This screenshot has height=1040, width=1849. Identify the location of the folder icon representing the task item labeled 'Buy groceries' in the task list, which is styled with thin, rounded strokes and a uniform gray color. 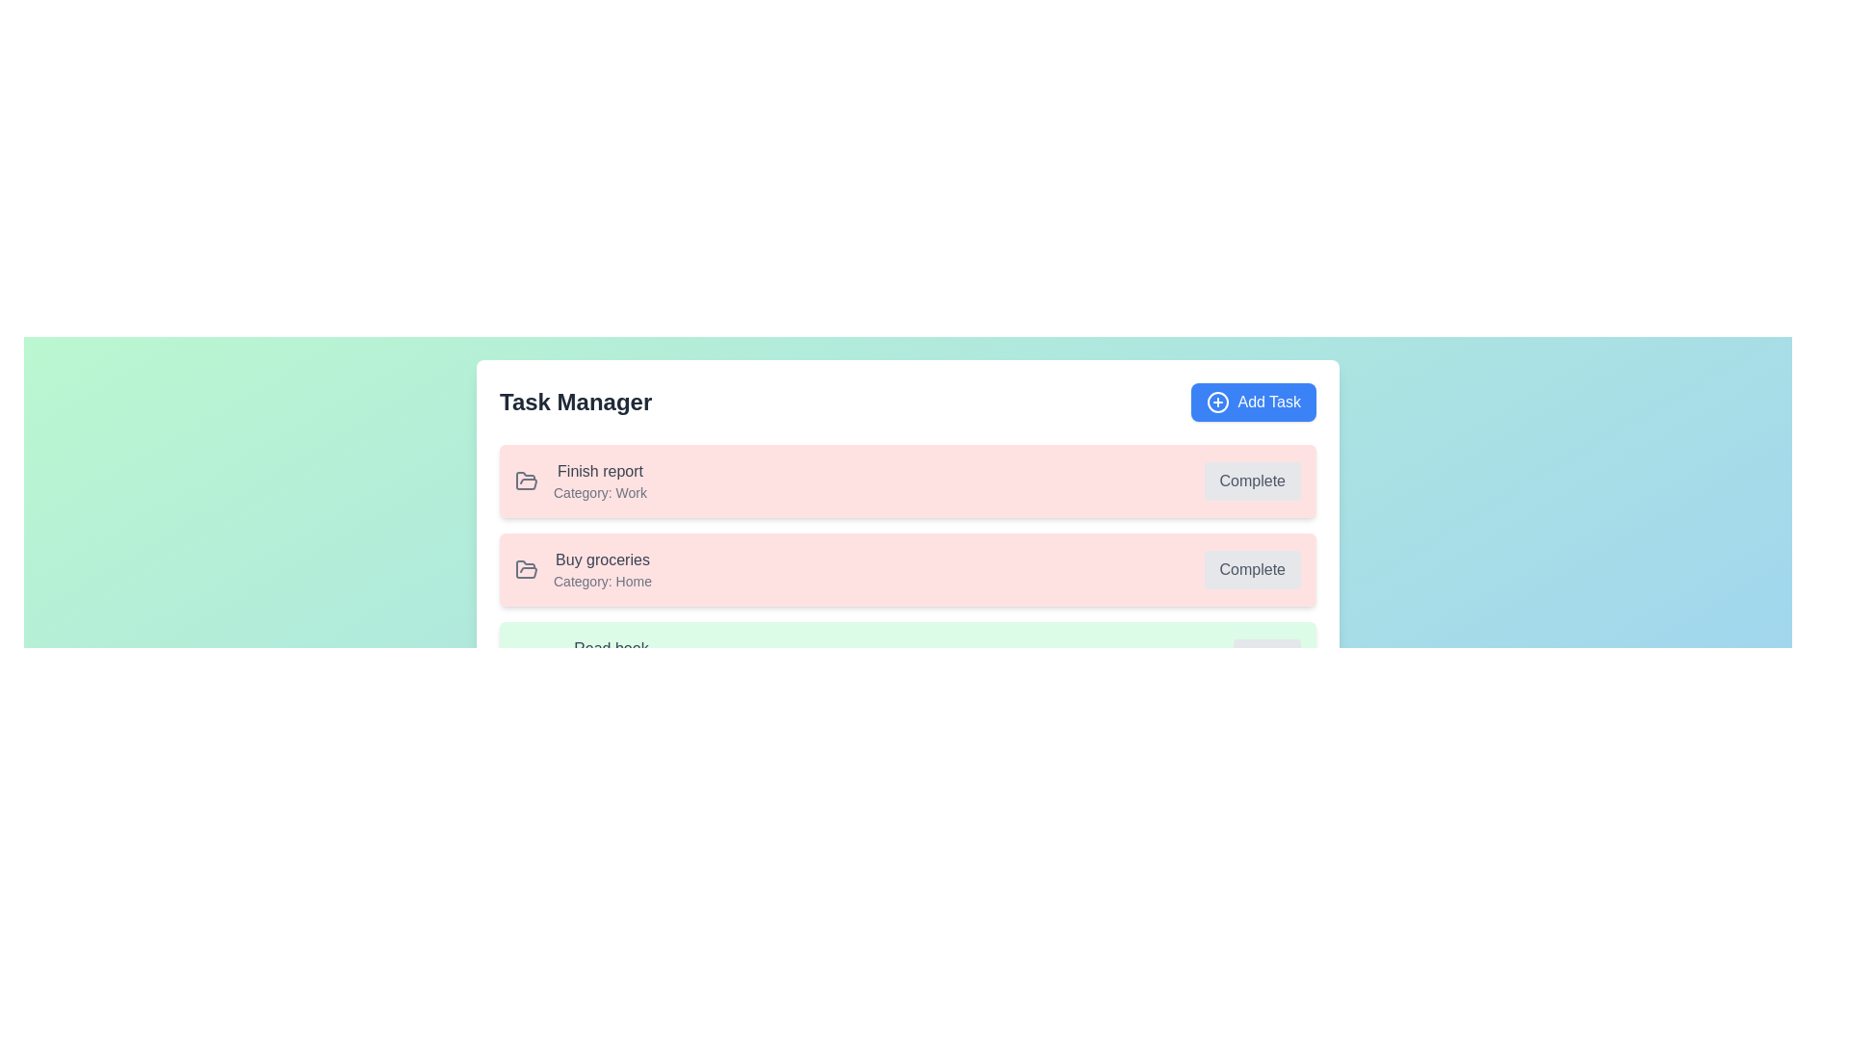
(527, 568).